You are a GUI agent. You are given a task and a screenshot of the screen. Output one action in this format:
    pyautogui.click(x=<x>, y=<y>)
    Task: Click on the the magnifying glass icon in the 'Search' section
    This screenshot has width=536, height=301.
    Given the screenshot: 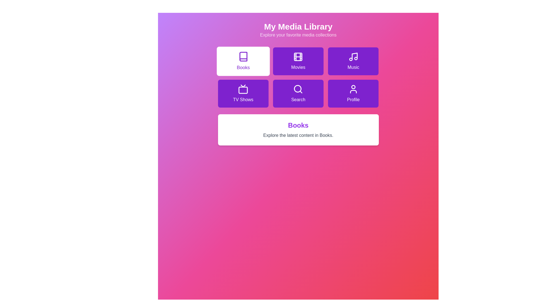 What is the action you would take?
    pyautogui.click(x=298, y=89)
    